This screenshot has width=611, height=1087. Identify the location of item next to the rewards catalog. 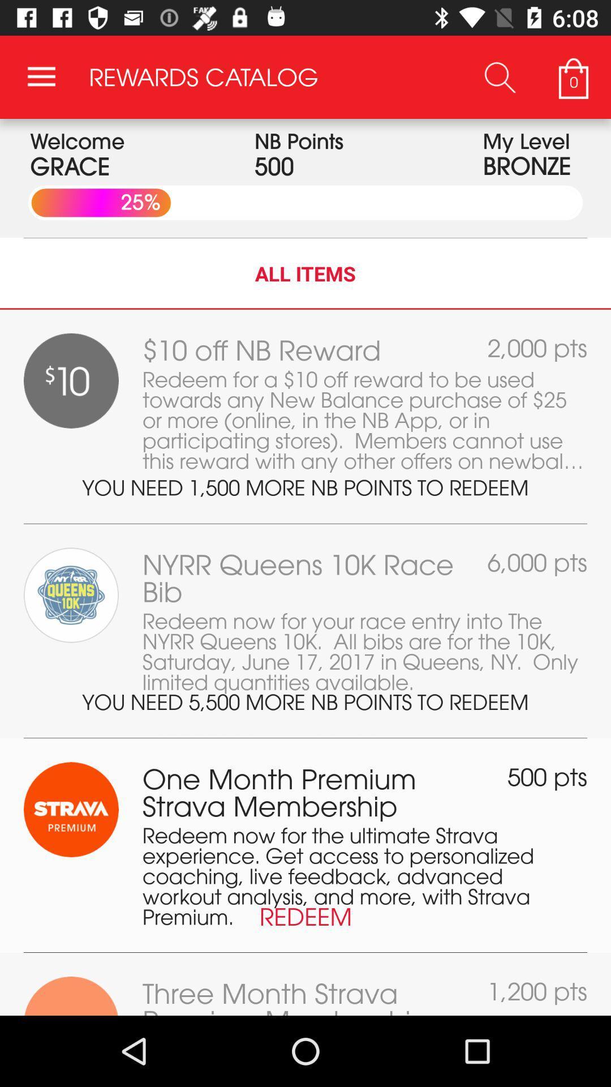
(41, 76).